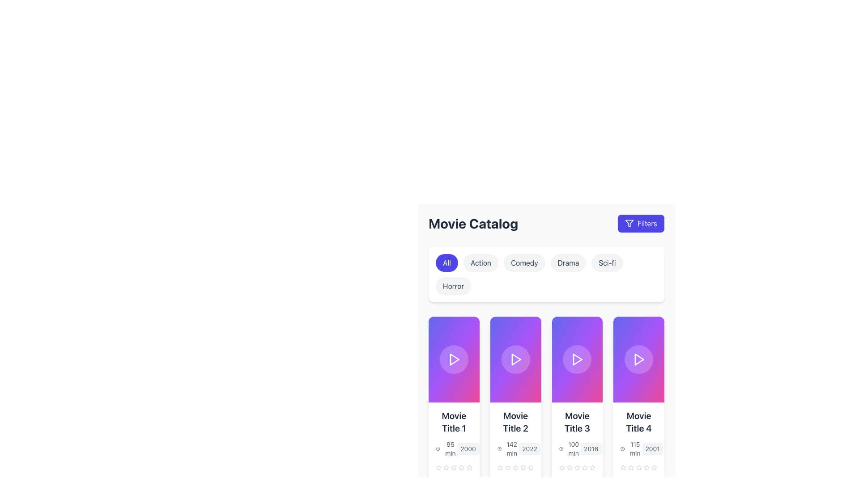  Describe the element at coordinates (515, 467) in the screenshot. I see `the fourth star` at that location.